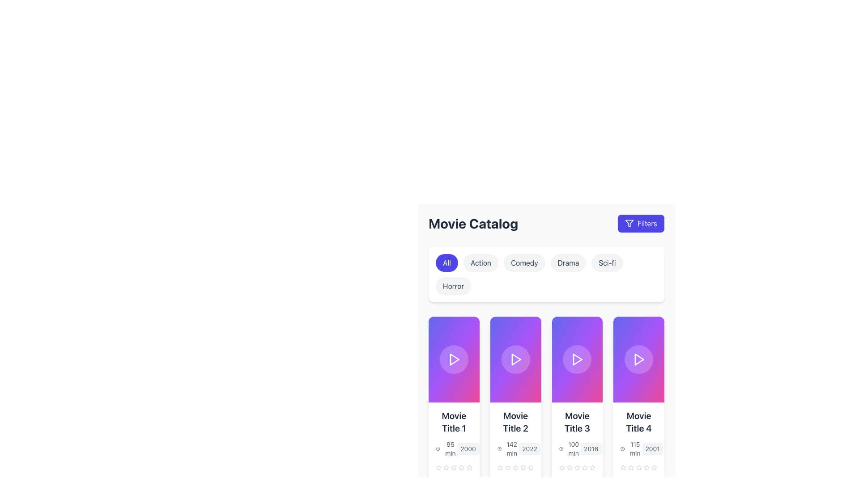  Describe the element at coordinates (515, 467) in the screenshot. I see `the fourth star` at that location.